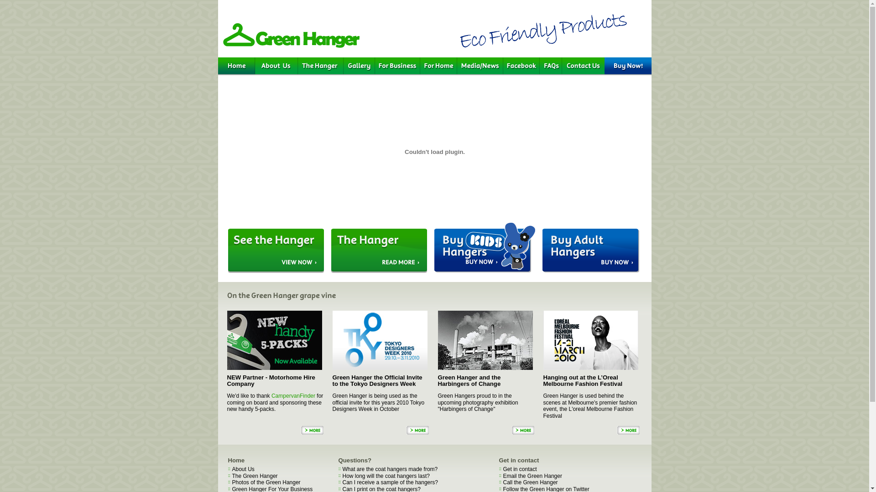 This screenshot has width=876, height=492. Describe the element at coordinates (390, 482) in the screenshot. I see `'Can I receive a sample of the hangers?'` at that location.